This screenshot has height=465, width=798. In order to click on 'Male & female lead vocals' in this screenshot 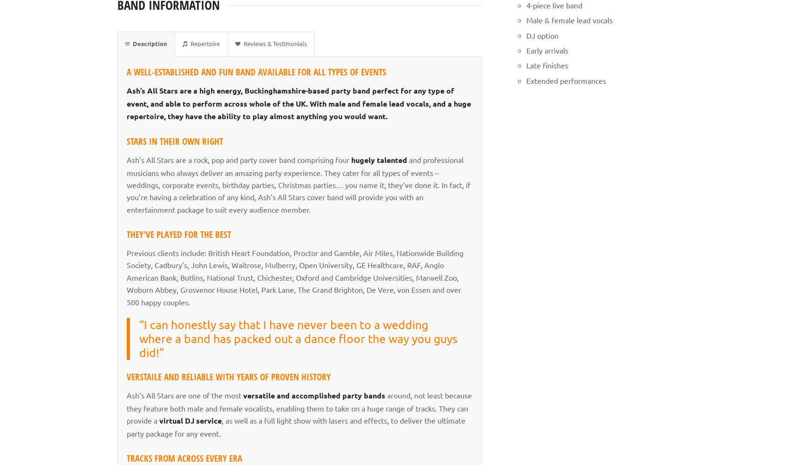, I will do `click(569, 20)`.